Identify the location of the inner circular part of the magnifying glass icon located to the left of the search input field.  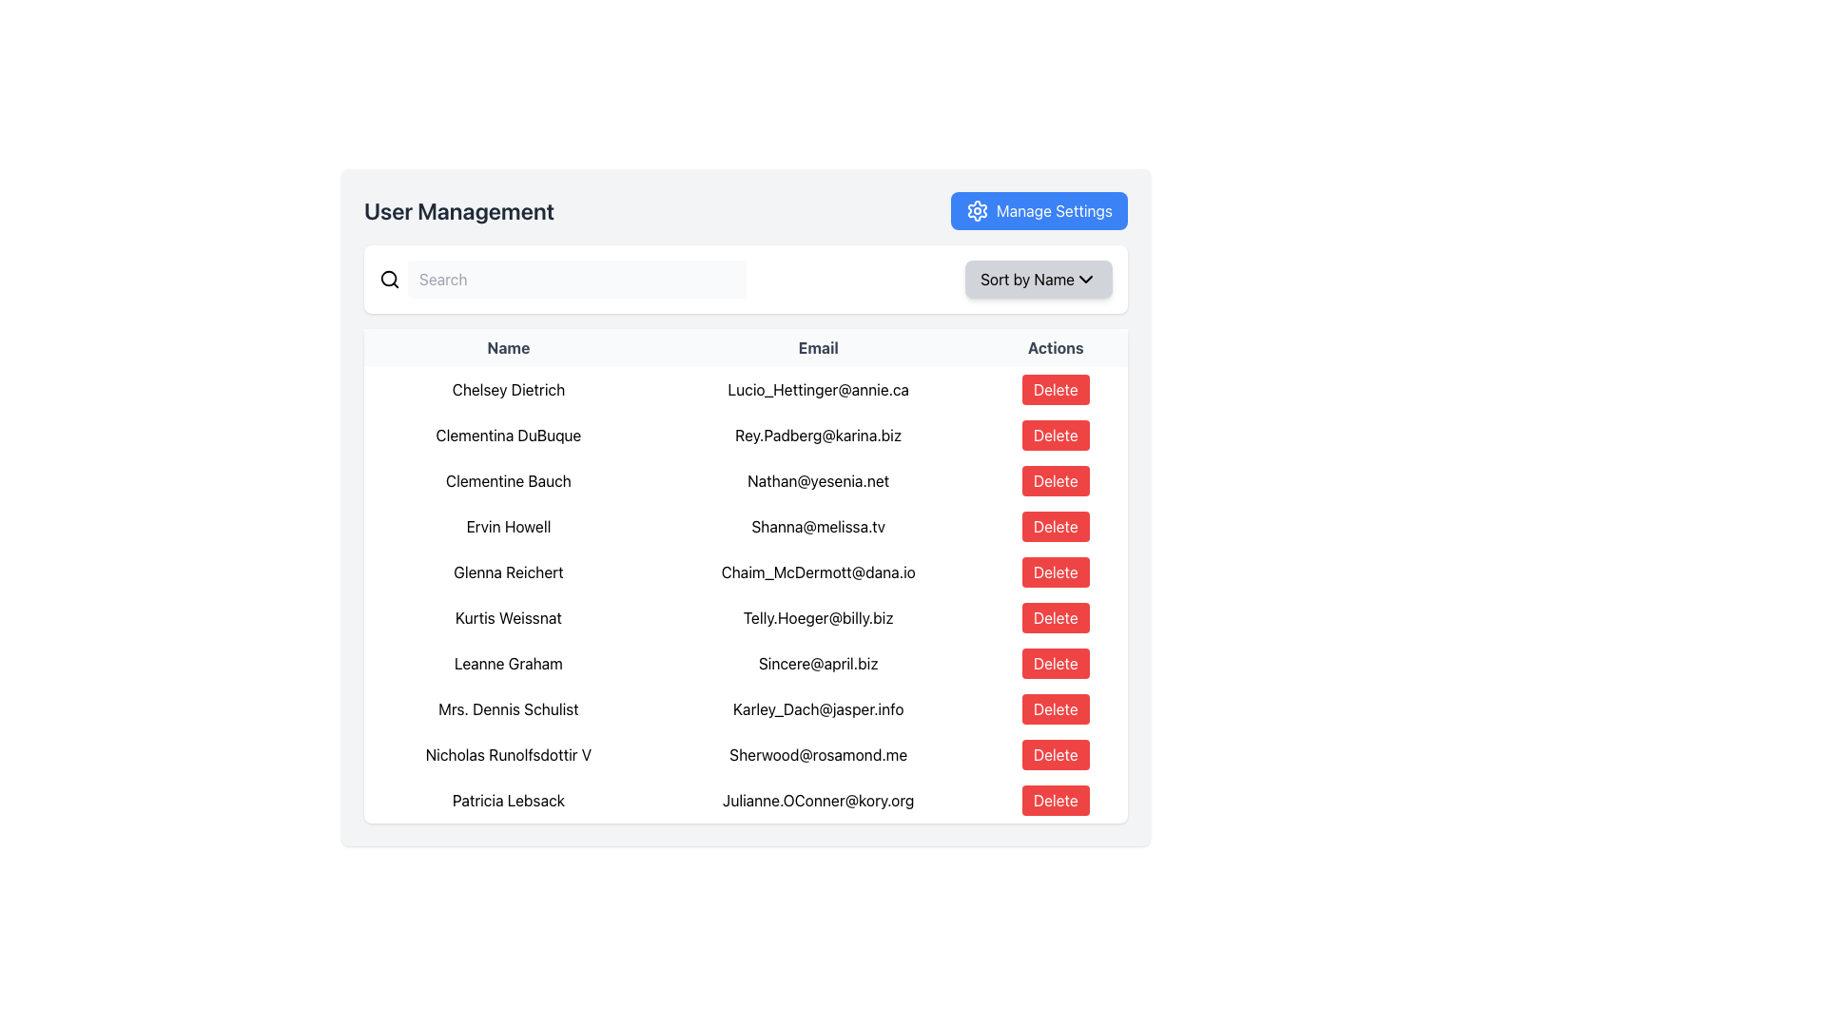
(388, 279).